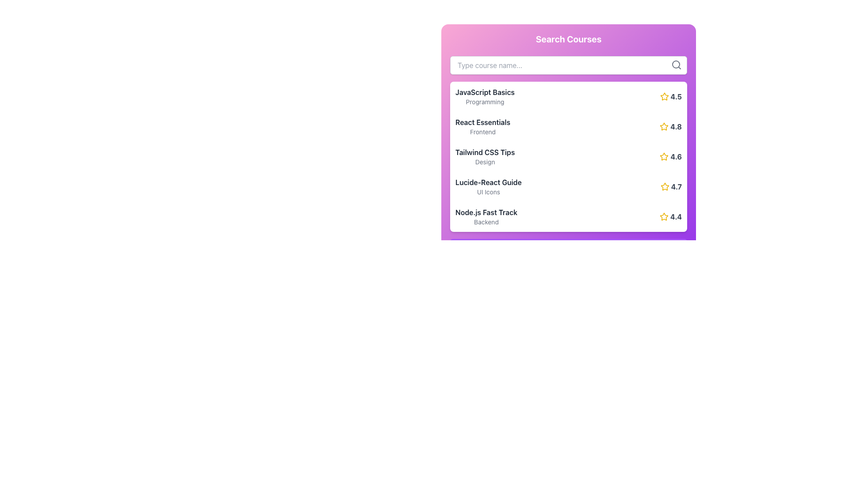 The height and width of the screenshot is (477, 849). I want to click on the last star icon representing the rating for the 'Node.js Fast Track' course, so click(664, 216).